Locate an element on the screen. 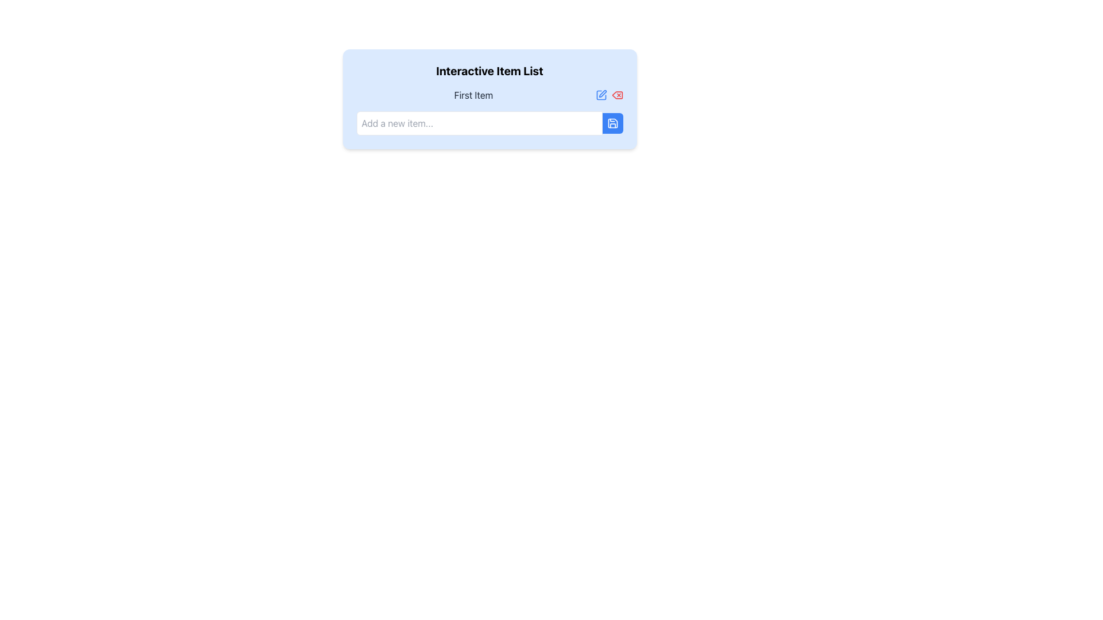 Image resolution: width=1103 pixels, height=620 pixels. the text block displaying 'First Item' which is located directly beneath the header 'Interactive Item List' and has a blue background is located at coordinates (489, 99).